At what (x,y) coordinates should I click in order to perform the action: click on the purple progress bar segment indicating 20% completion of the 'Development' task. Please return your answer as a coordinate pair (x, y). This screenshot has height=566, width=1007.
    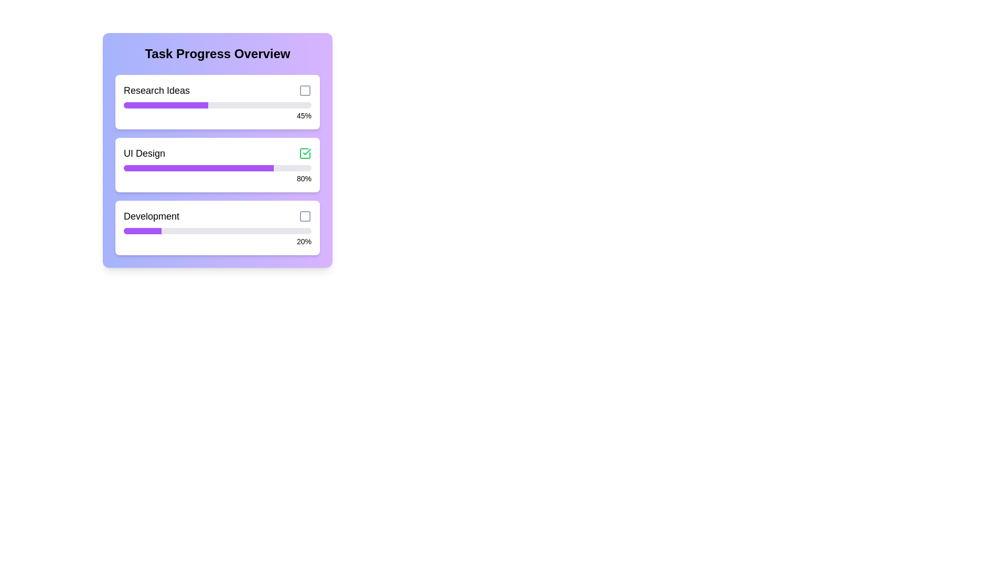
    Looking at the image, I should click on (142, 230).